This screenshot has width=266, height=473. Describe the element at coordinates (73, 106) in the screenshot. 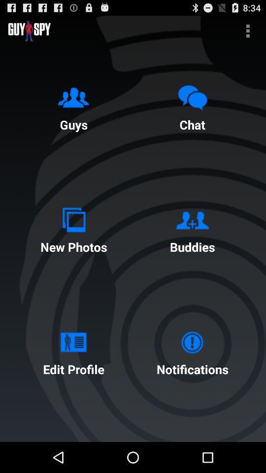

I see `the guys icon` at that location.